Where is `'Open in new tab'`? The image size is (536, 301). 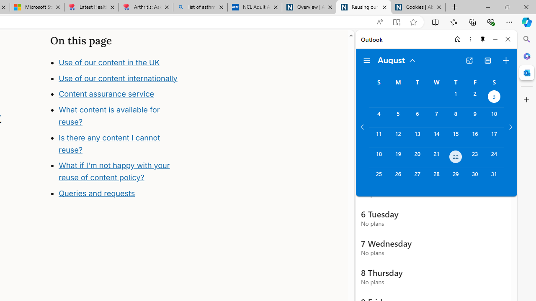 'Open in new tab' is located at coordinates (469, 60).